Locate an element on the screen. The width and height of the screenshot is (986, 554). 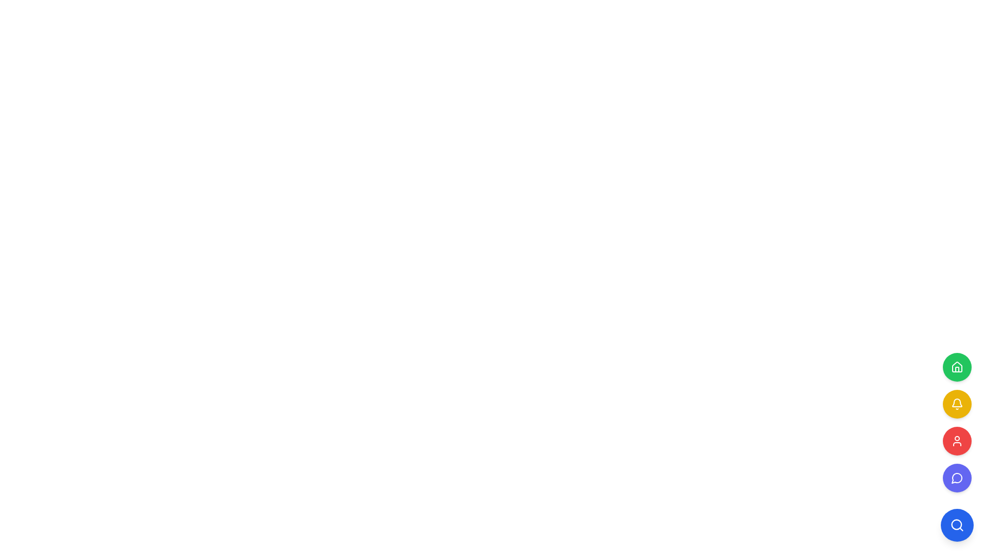
the circular yellow button with a white notification bell icon located at the bottom-right corner of the interface is located at coordinates (956, 403).